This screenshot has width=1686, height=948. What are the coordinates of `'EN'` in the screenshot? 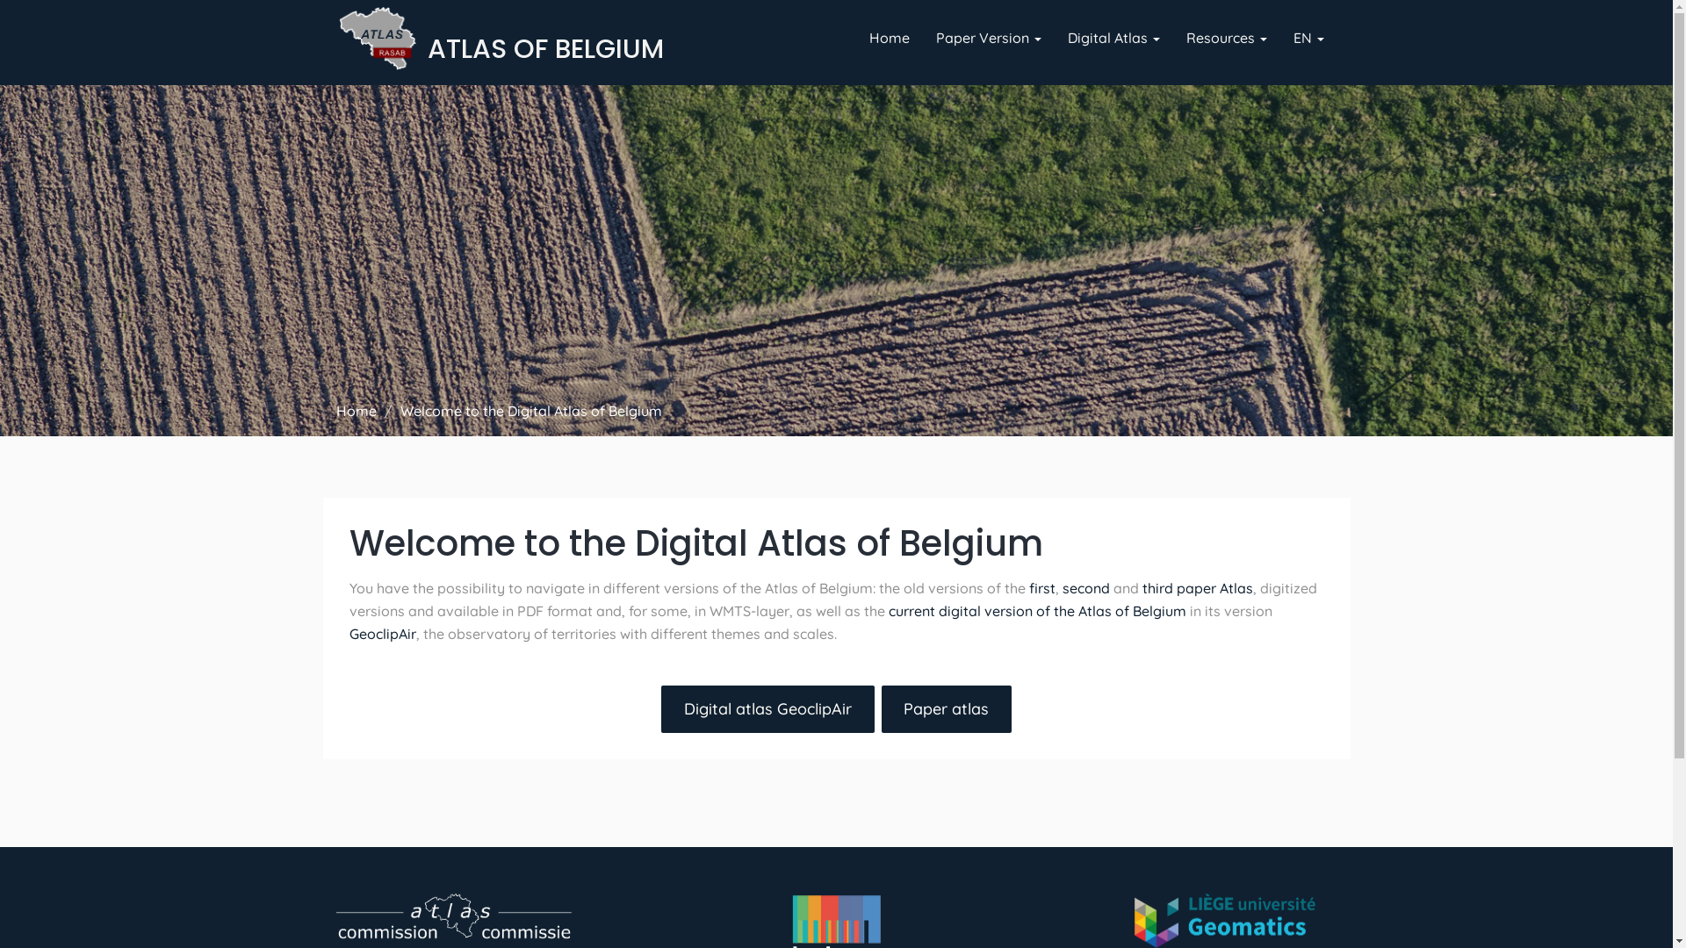 It's located at (1308, 38).